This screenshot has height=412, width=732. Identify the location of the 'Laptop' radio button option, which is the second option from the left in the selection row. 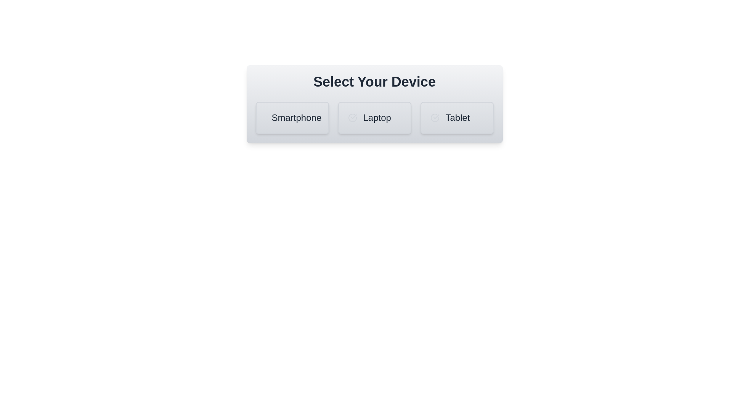
(374, 117).